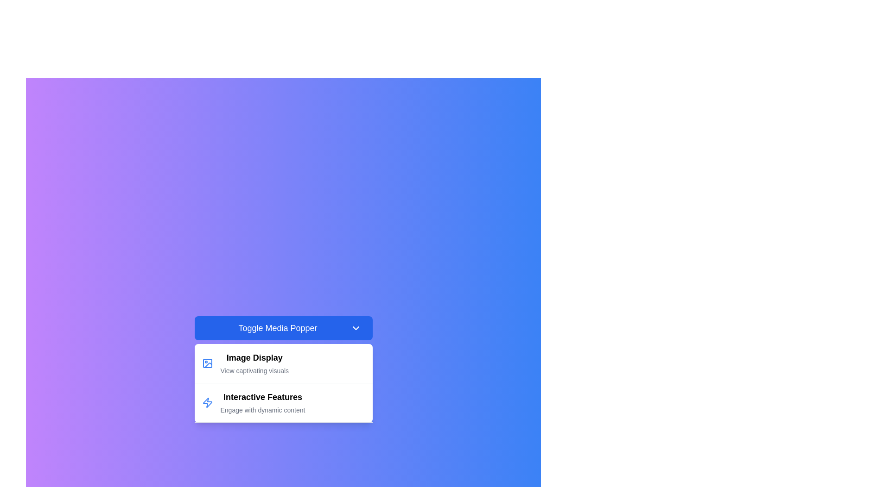 The image size is (890, 500). Describe the element at coordinates (207, 402) in the screenshot. I see `the blue lightning bolt icon located to the left of the 'Interactive Features' text in the menu item under 'Toggle Media Popper'` at that location.